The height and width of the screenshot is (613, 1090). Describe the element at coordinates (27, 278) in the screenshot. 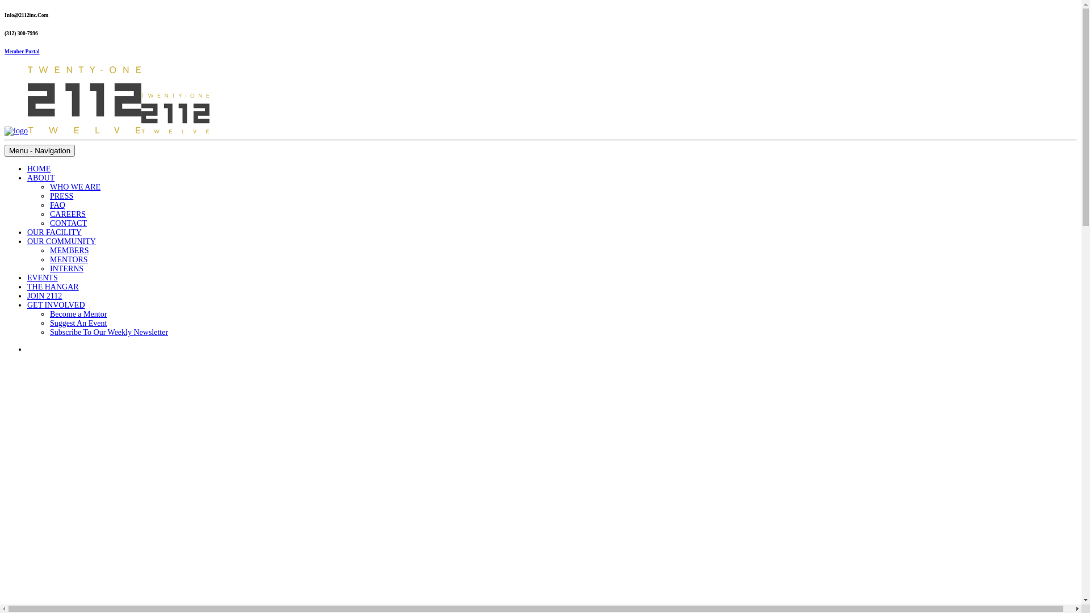

I see `'EVENTS'` at that location.